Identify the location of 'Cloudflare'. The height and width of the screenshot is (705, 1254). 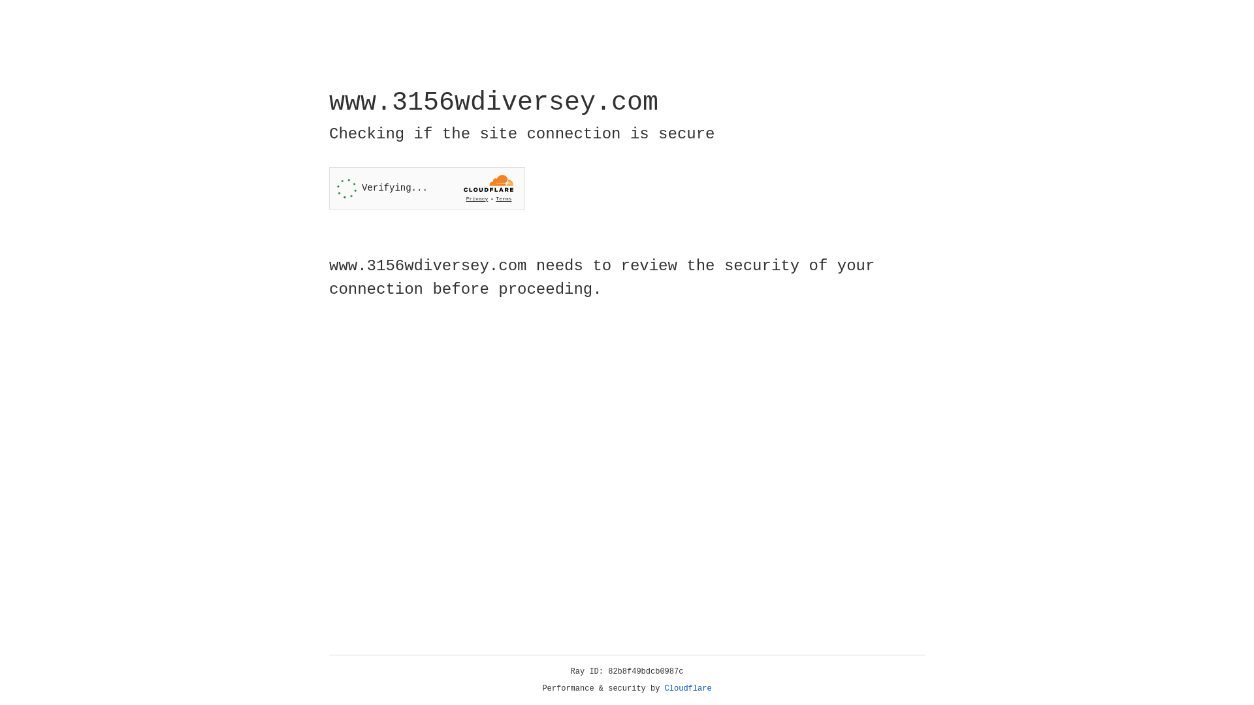
(688, 688).